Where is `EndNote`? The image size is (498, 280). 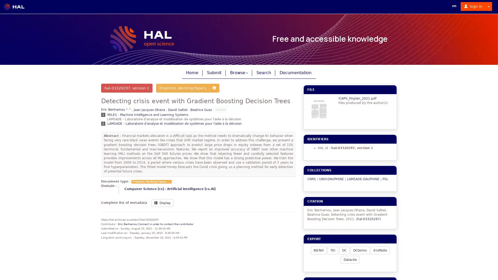 EndNote is located at coordinates (380, 250).